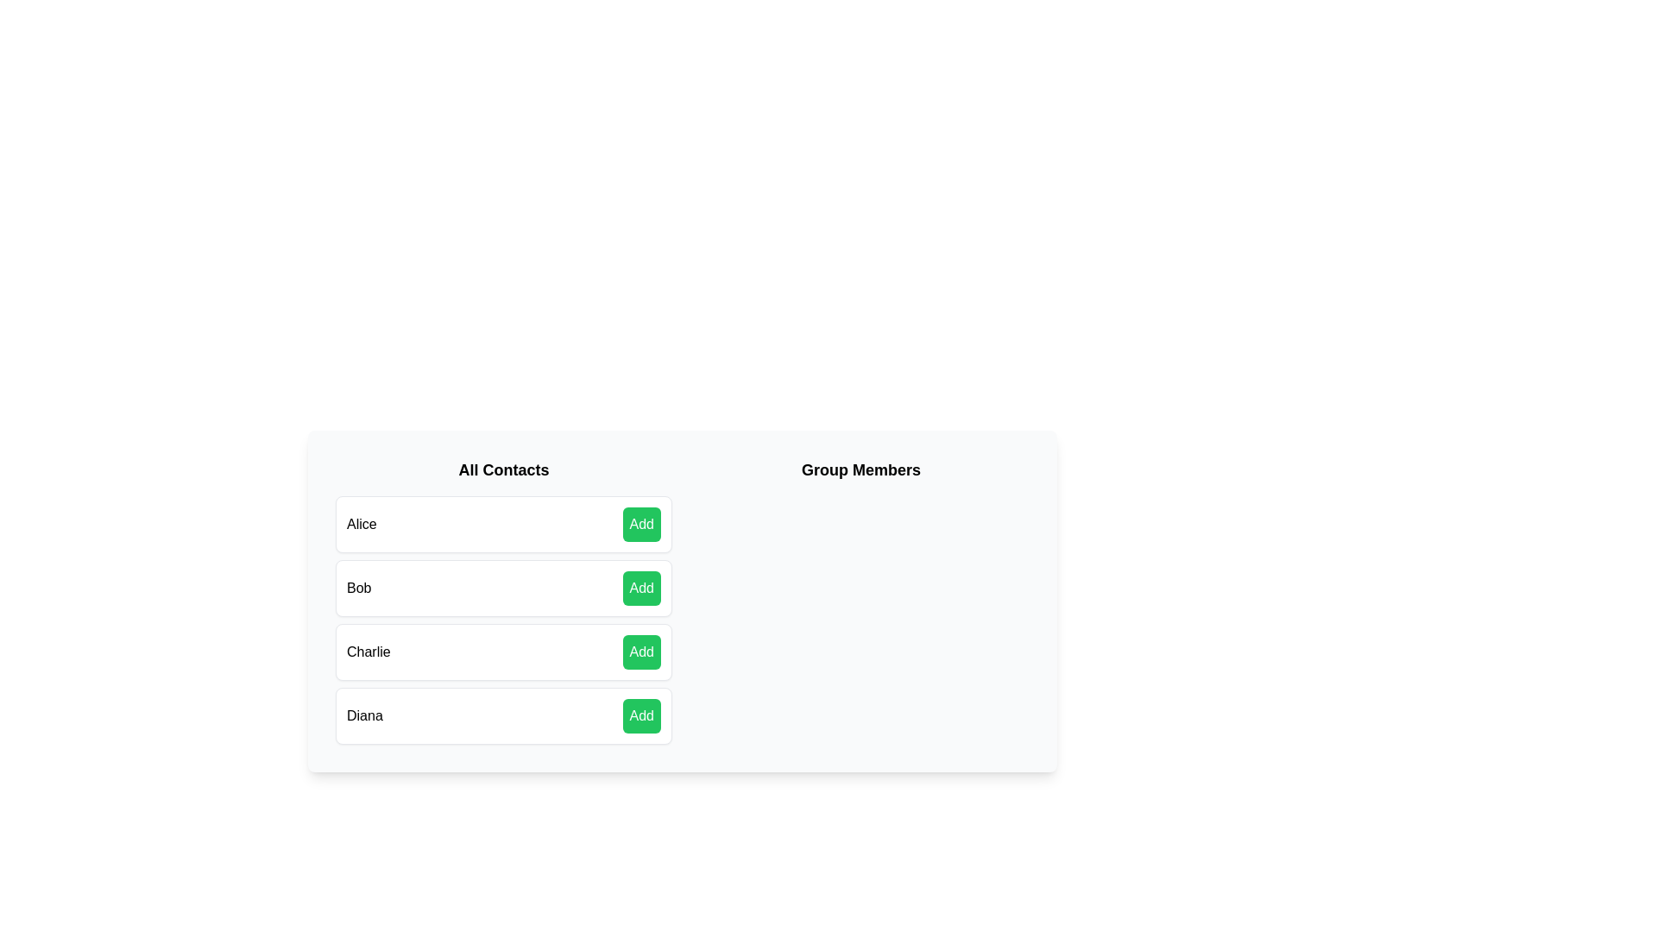 Image resolution: width=1657 pixels, height=932 pixels. Describe the element at coordinates (640, 715) in the screenshot. I see `'Add' button next to the contact Diana to add them to the group` at that location.